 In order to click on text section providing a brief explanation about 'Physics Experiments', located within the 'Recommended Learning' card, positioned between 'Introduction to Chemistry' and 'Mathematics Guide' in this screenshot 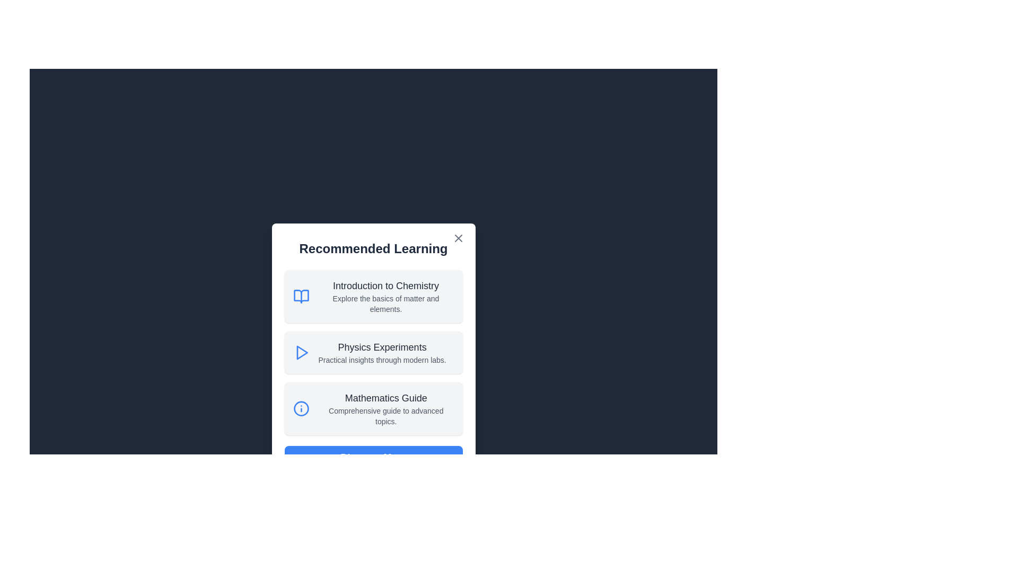, I will do `click(382, 353)`.